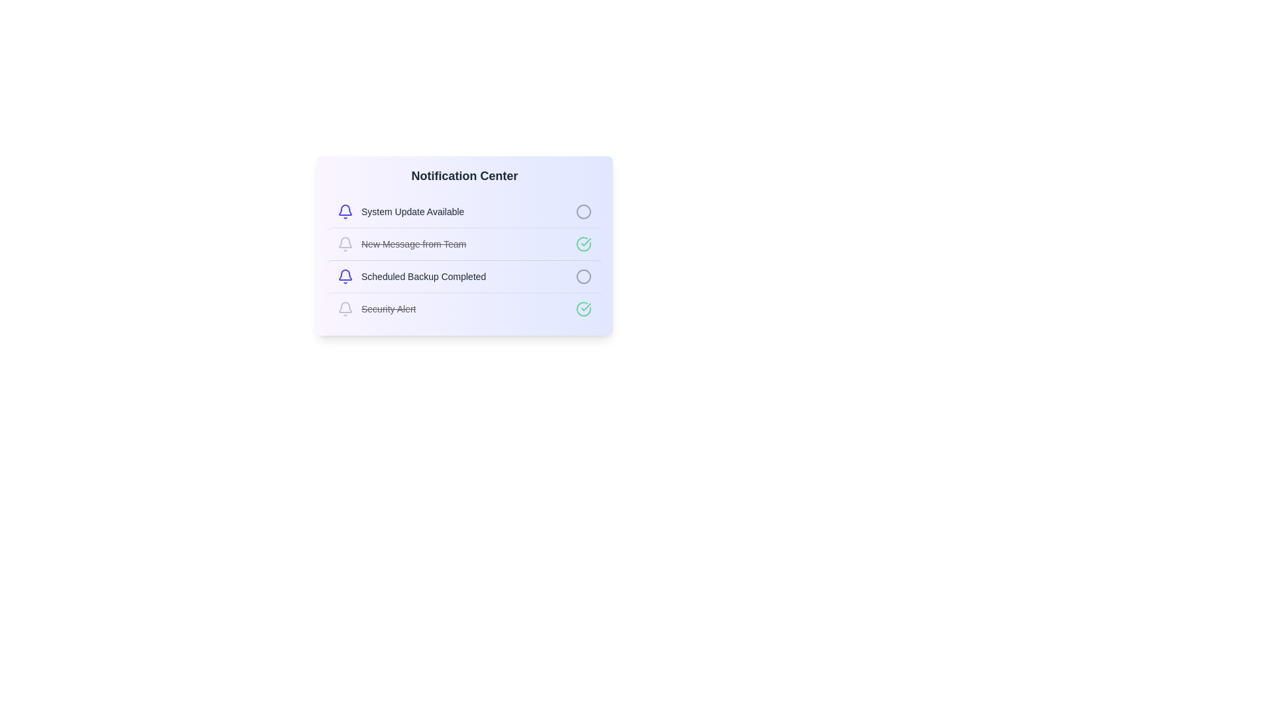 This screenshot has height=715, width=1271. Describe the element at coordinates (464, 309) in the screenshot. I see `the notification titled 'Security Alert' to highlight it` at that location.